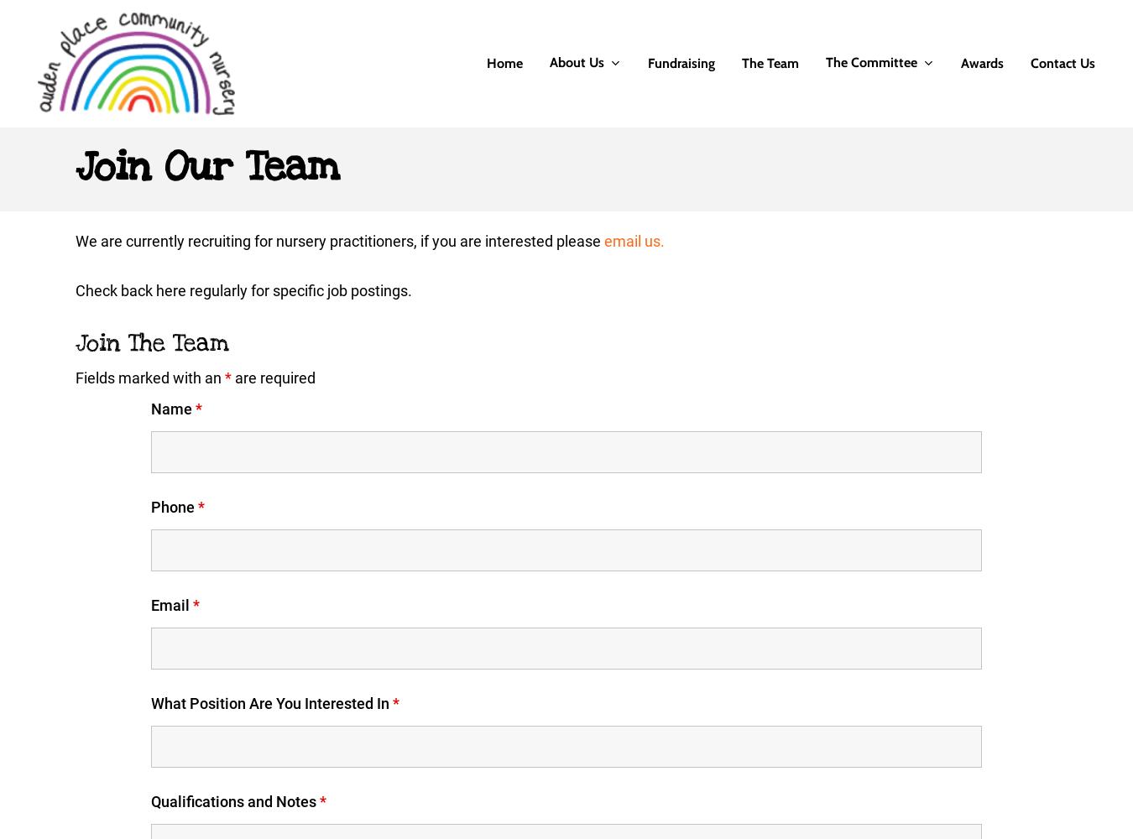 This screenshot has width=1133, height=839. What do you see at coordinates (1063, 62) in the screenshot?
I see `'Contact Us'` at bounding box center [1063, 62].